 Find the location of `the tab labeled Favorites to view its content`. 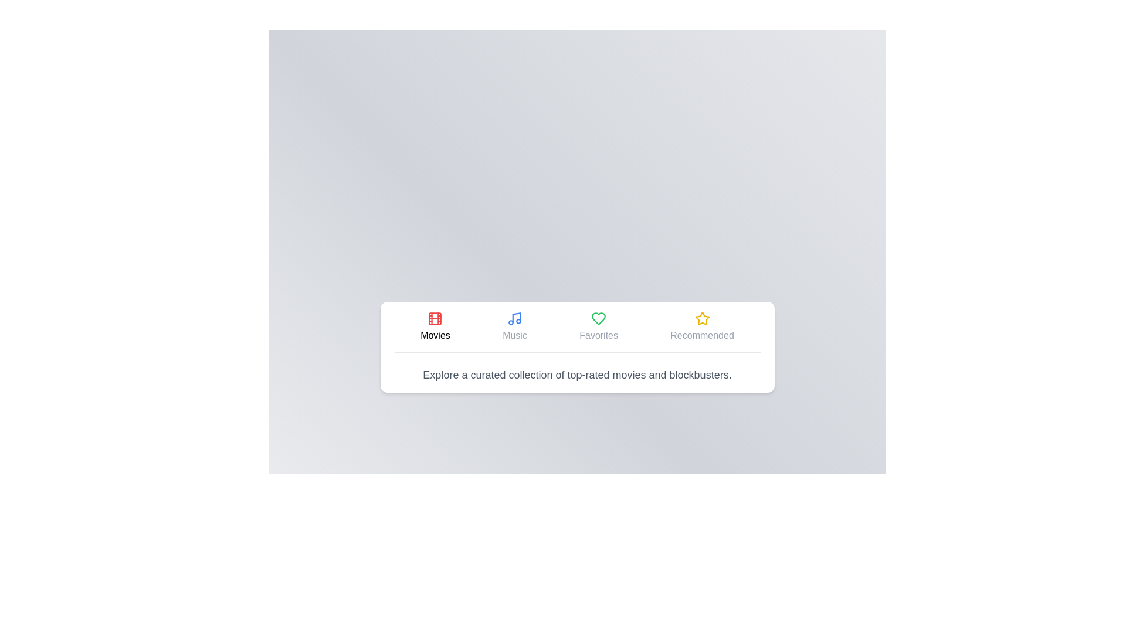

the tab labeled Favorites to view its content is located at coordinates (599, 326).